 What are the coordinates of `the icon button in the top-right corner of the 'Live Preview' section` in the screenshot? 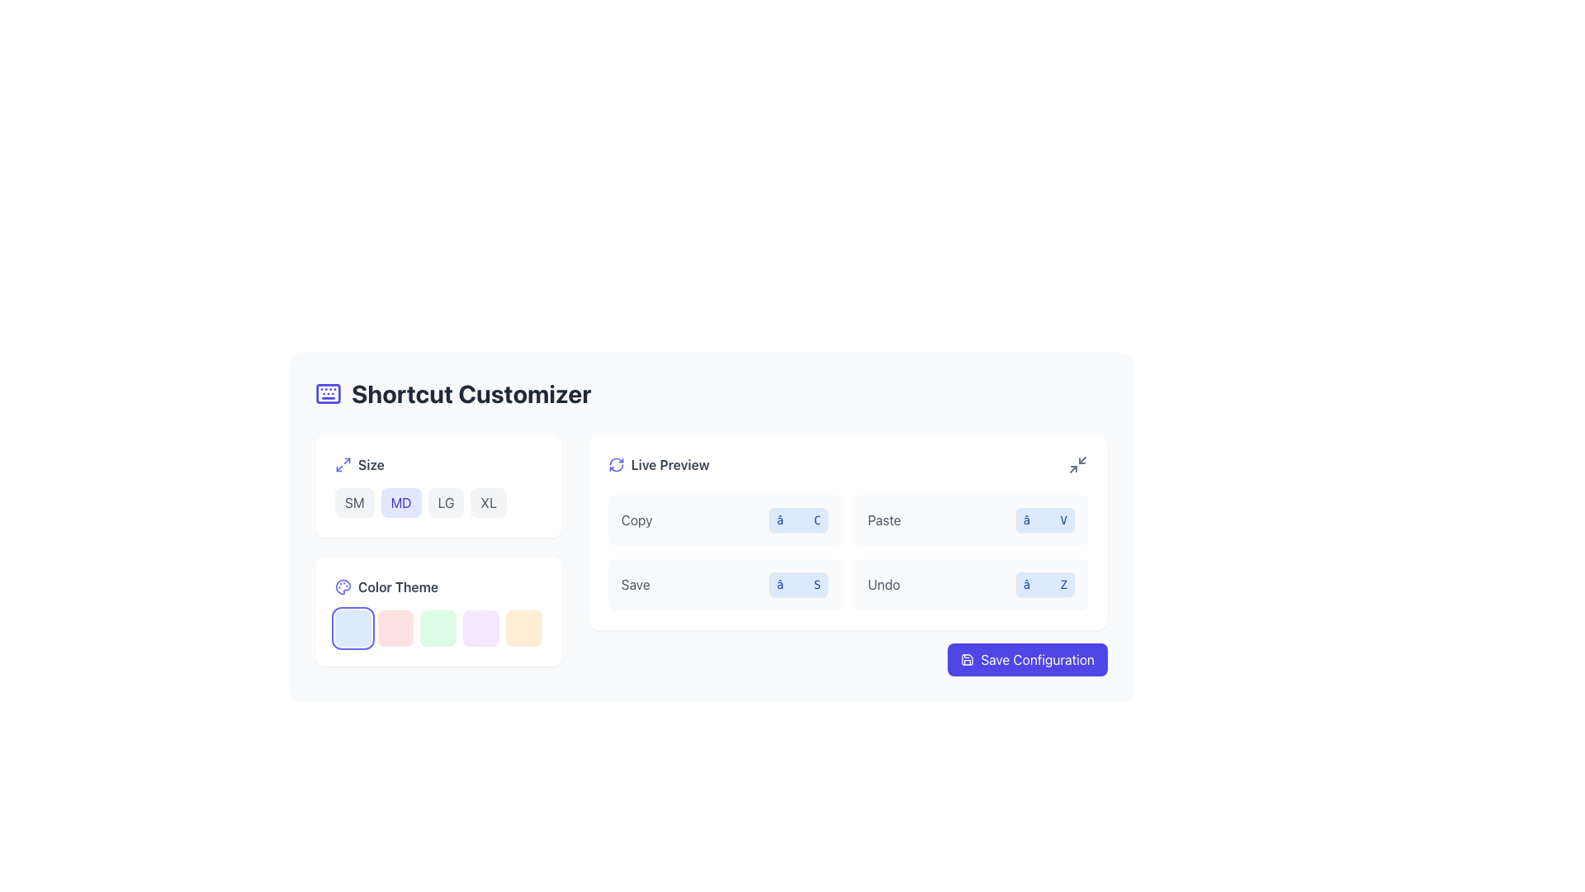 It's located at (1077, 465).